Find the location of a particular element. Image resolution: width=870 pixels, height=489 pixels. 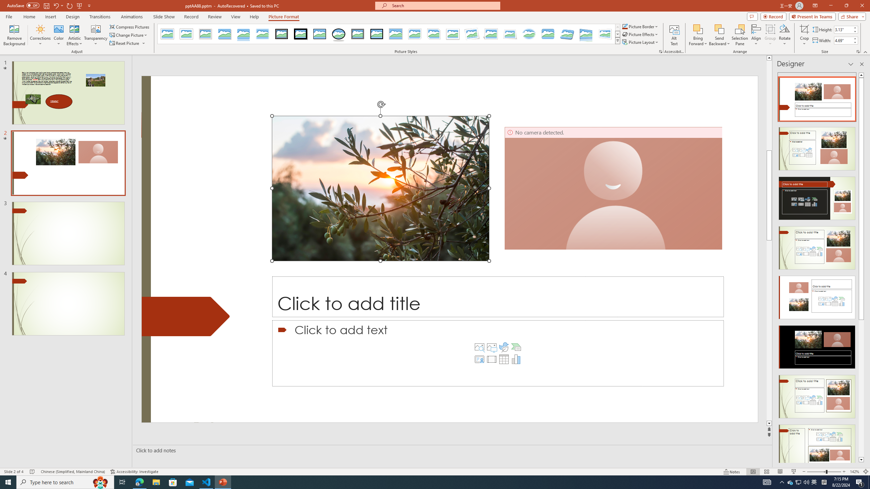

'Group' is located at coordinates (770, 35).